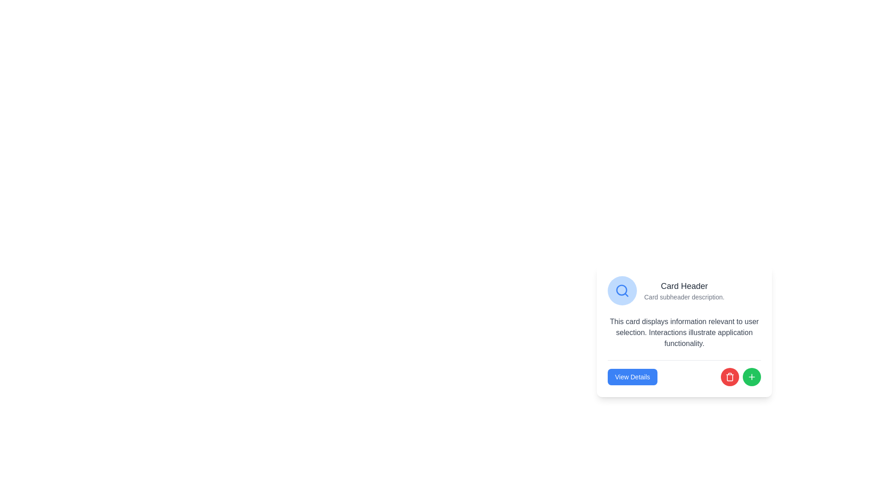  Describe the element at coordinates (684, 286) in the screenshot. I see `the title text element at the top left of the card, which summarizes the card's content` at that location.